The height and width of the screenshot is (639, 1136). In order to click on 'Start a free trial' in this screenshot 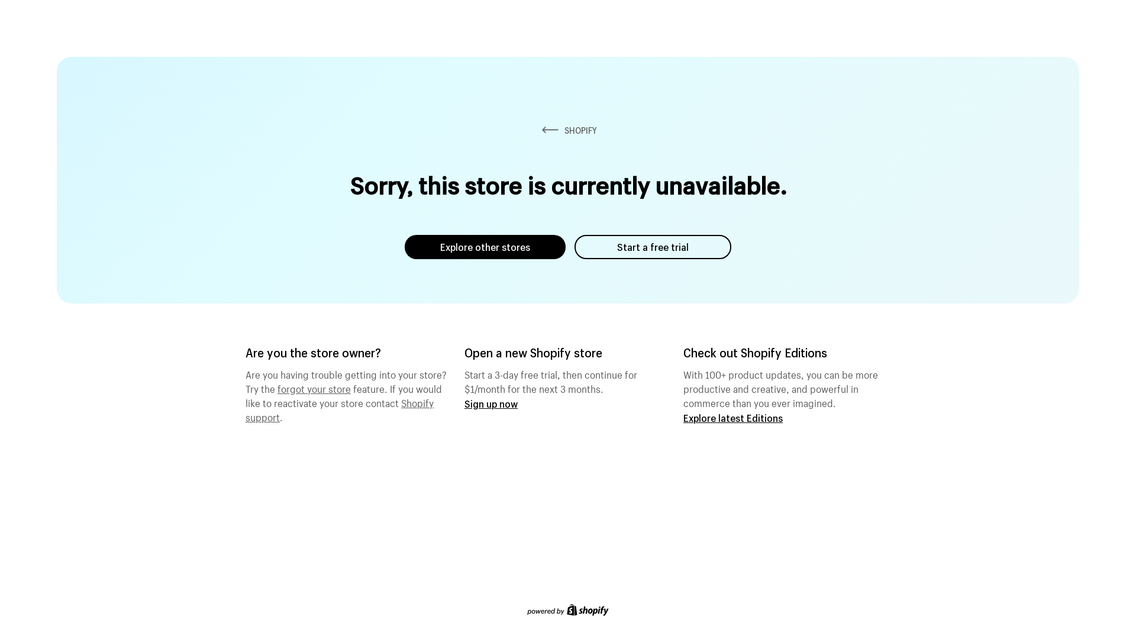, I will do `click(652, 246)`.